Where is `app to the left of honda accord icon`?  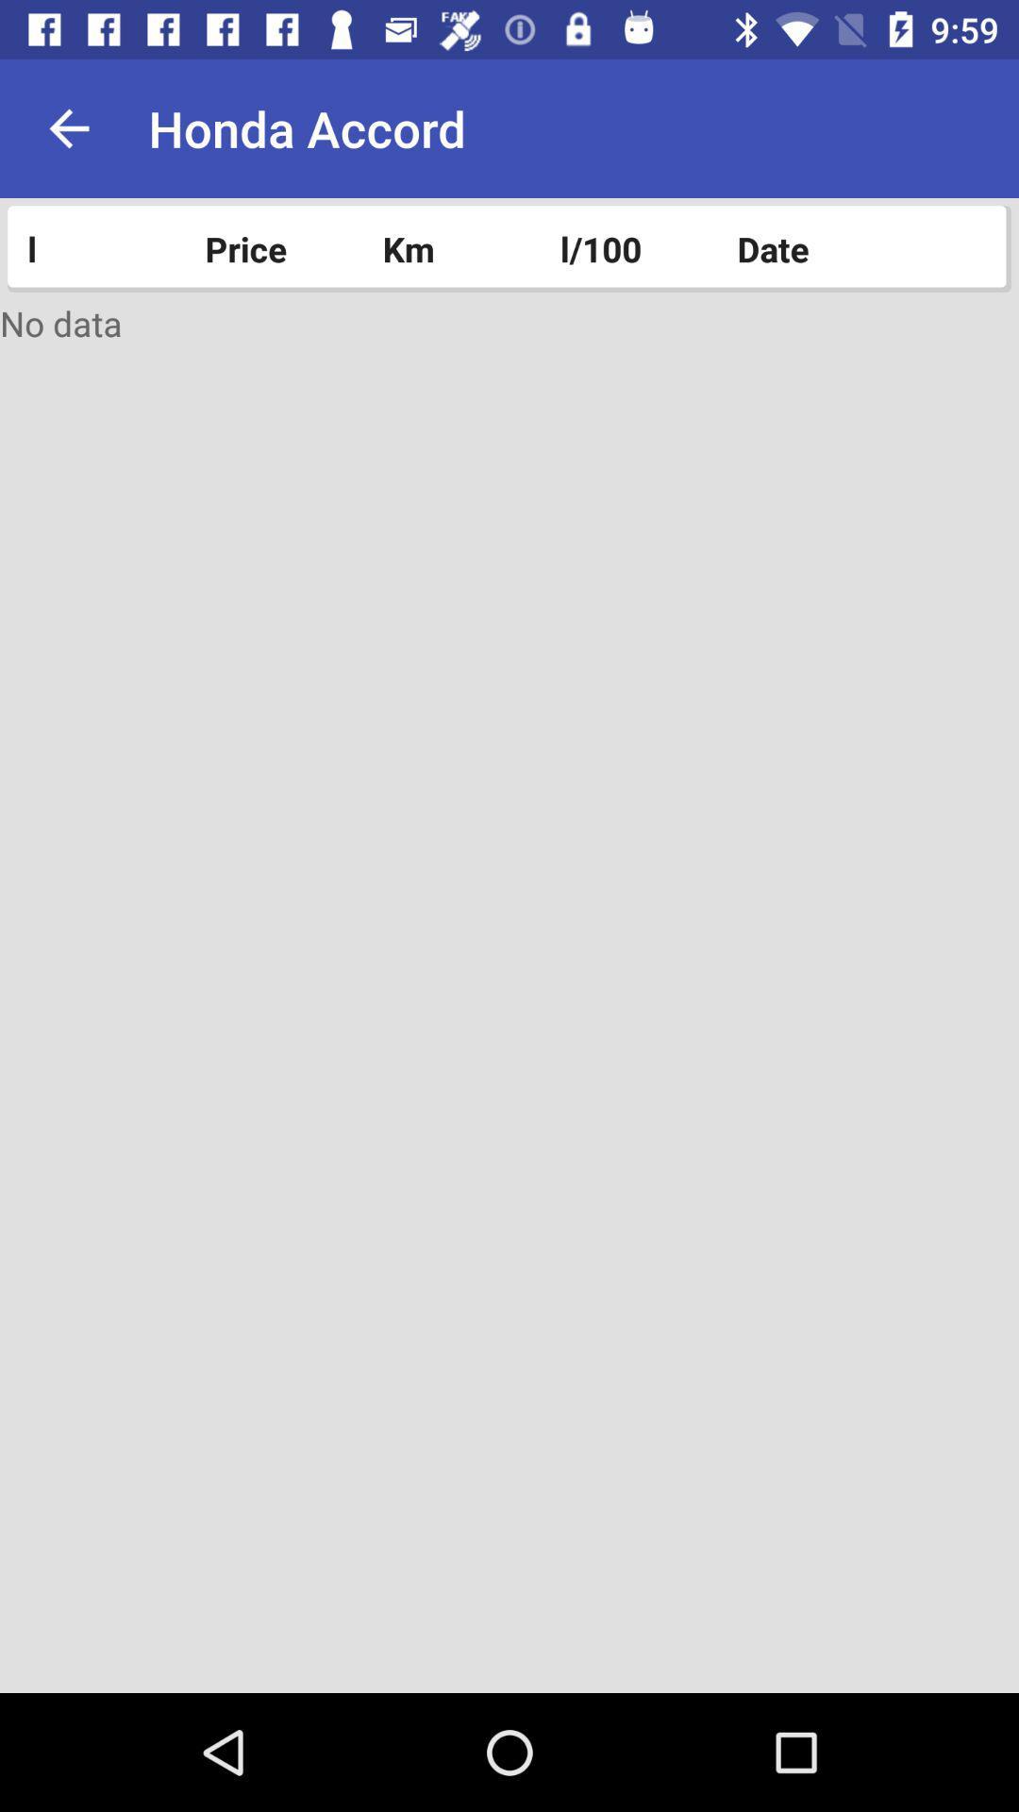 app to the left of honda accord icon is located at coordinates (68, 127).